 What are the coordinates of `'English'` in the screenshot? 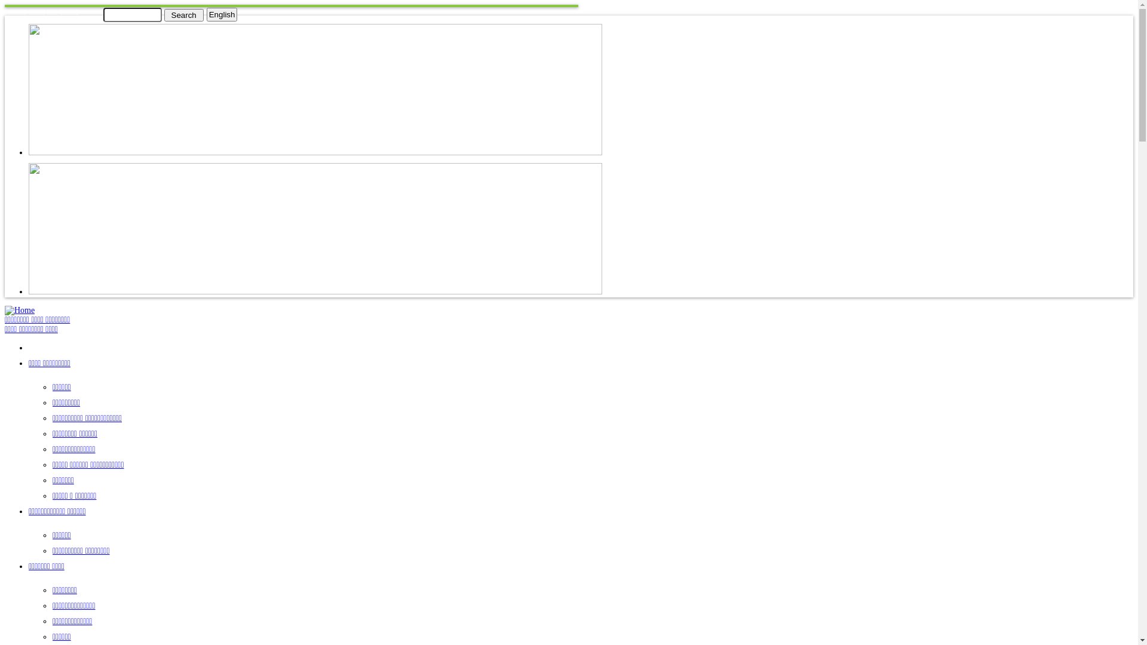 It's located at (222, 14).